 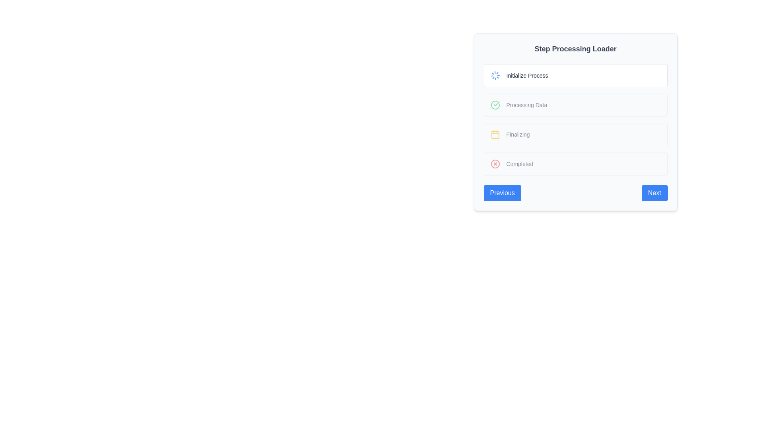 I want to click on the 'Processing Data' text label, which is styled in gray and indicates a processing status, located in the center-right section of the interface, so click(x=526, y=104).